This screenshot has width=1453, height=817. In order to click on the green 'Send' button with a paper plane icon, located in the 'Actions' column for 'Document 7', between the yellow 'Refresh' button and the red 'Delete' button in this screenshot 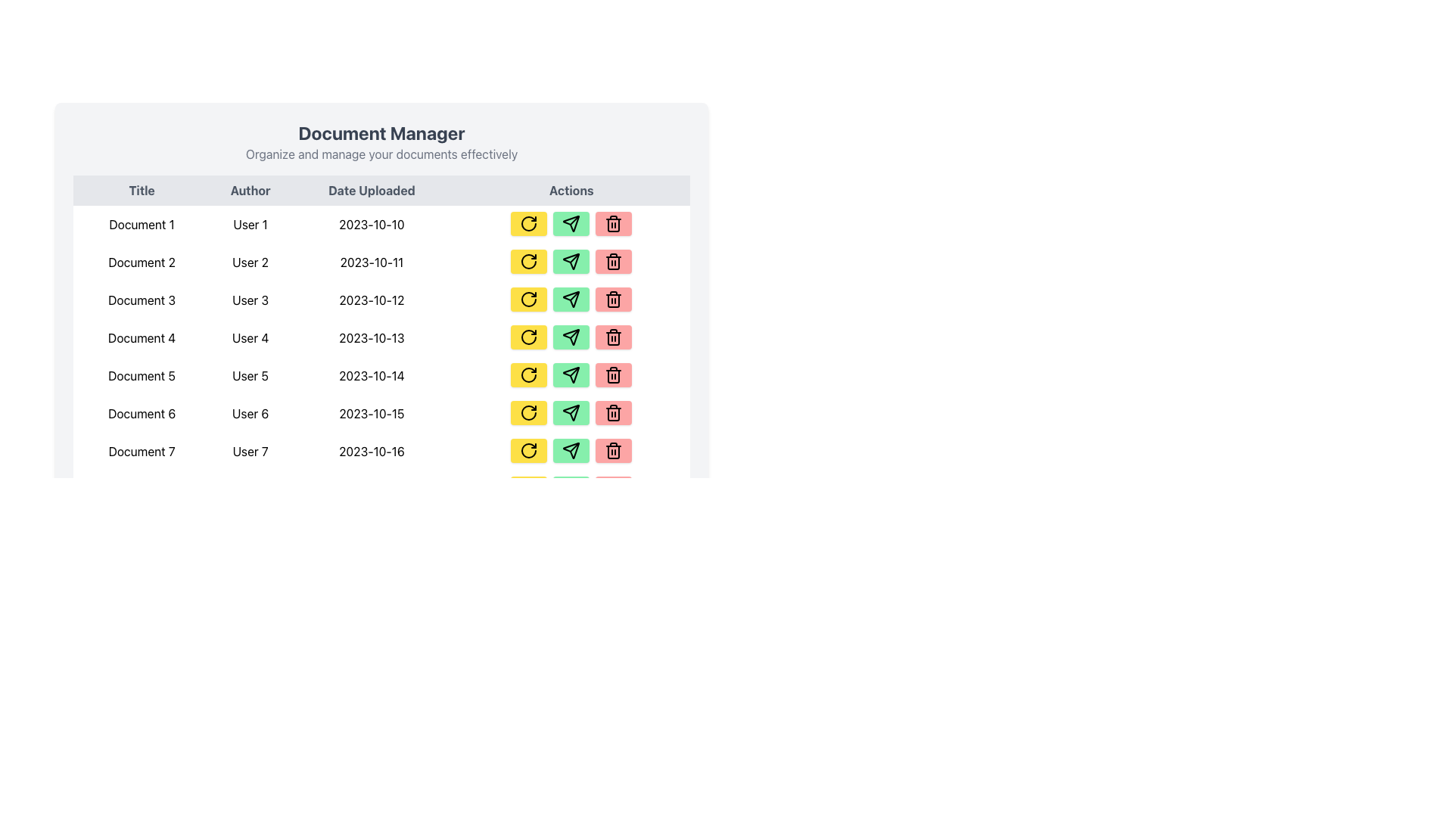, I will do `click(571, 451)`.